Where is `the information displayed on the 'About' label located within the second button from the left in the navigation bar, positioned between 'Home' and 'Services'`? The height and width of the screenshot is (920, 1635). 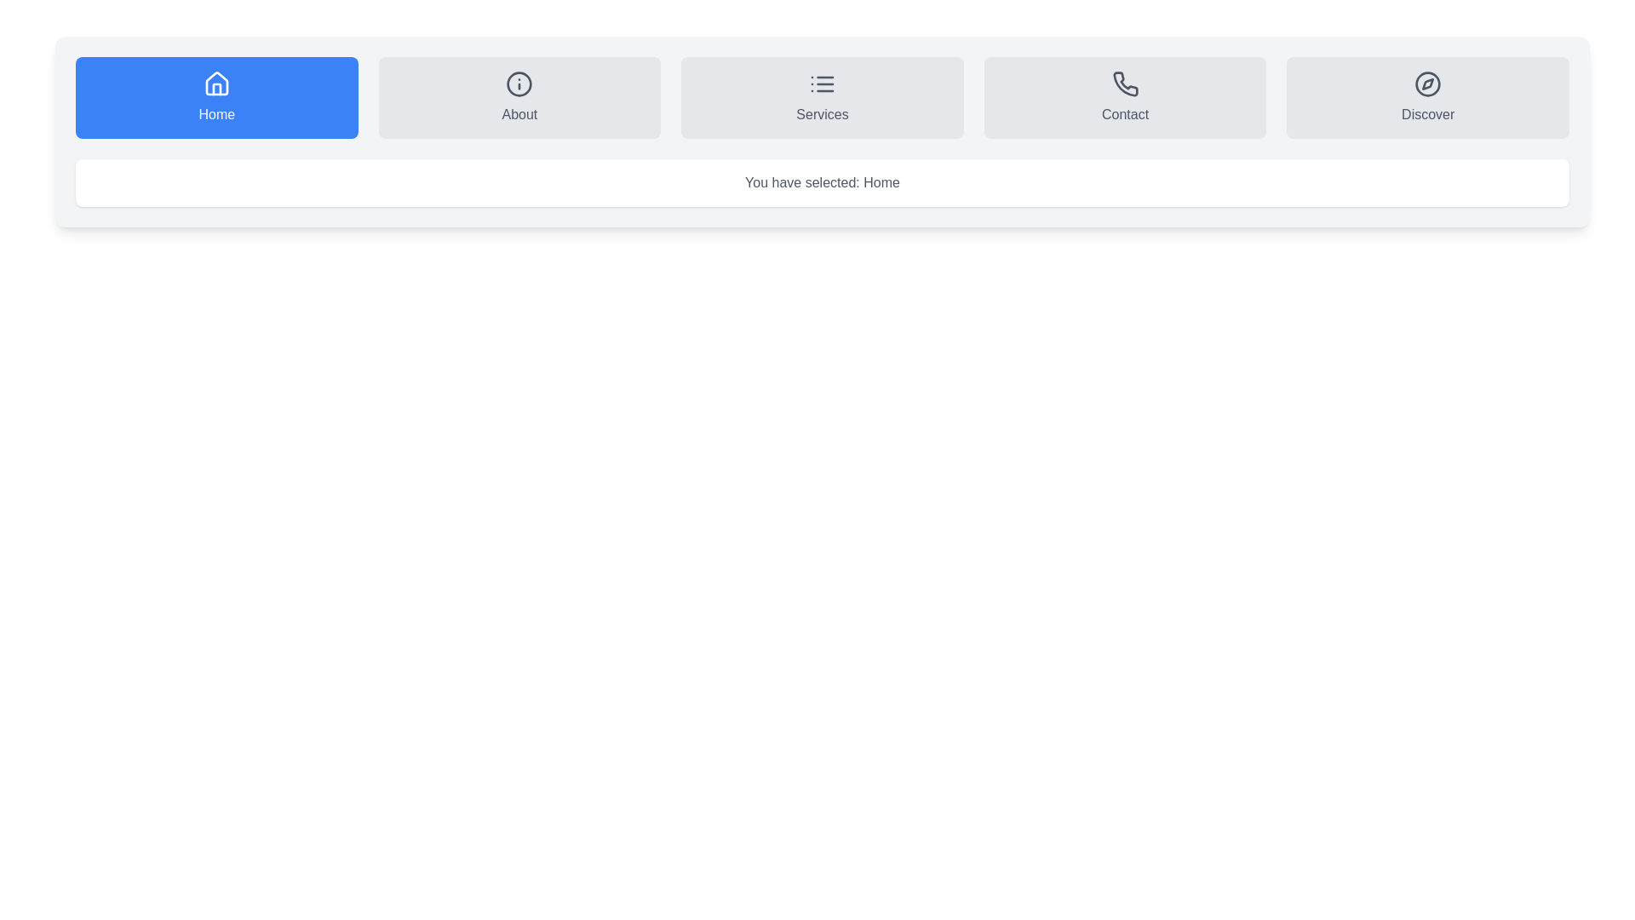 the information displayed on the 'About' label located within the second button from the left in the navigation bar, positioned between 'Home' and 'Services' is located at coordinates (519, 115).